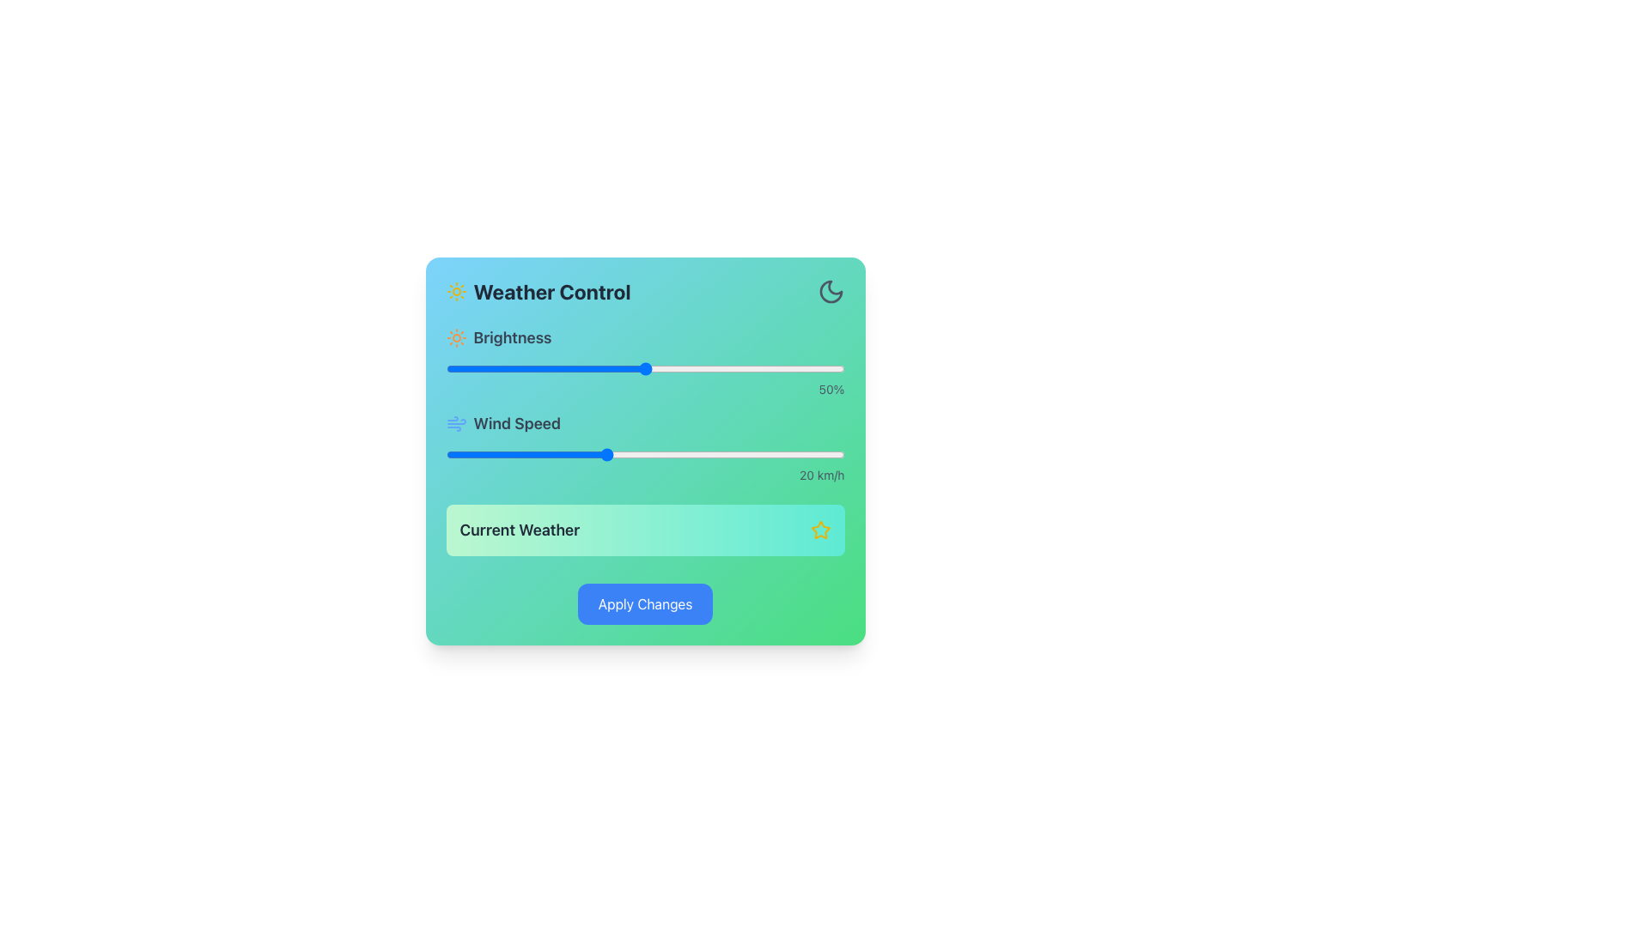  What do you see at coordinates (819, 529) in the screenshot?
I see `the star icon with a yellowish outline and light teal fill located near the bottom right corner of the 'Current Weather' input box in the 'Weather Control' section to interact` at bounding box center [819, 529].